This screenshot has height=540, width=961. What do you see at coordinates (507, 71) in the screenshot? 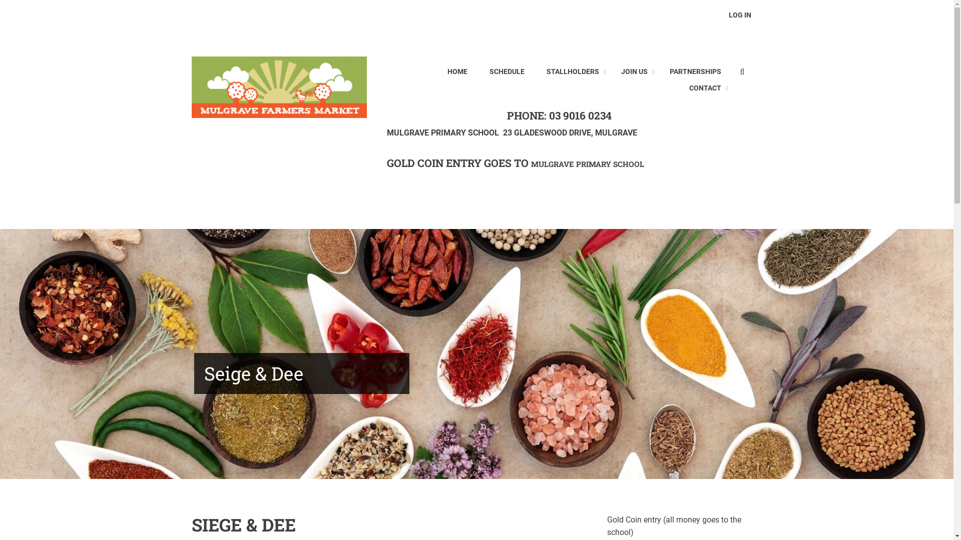
I see `'SCHEDULE'` at bounding box center [507, 71].